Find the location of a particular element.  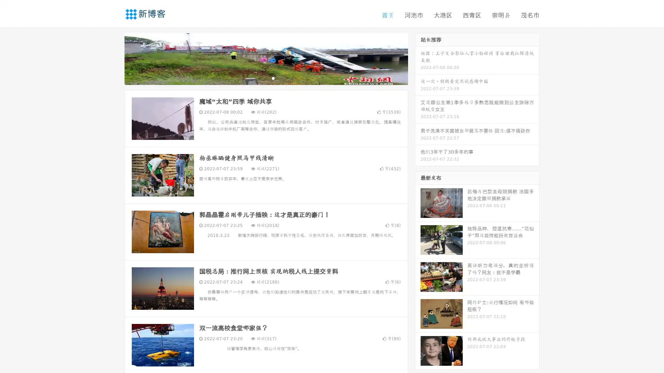

Go to slide 1 is located at coordinates (259, 78).